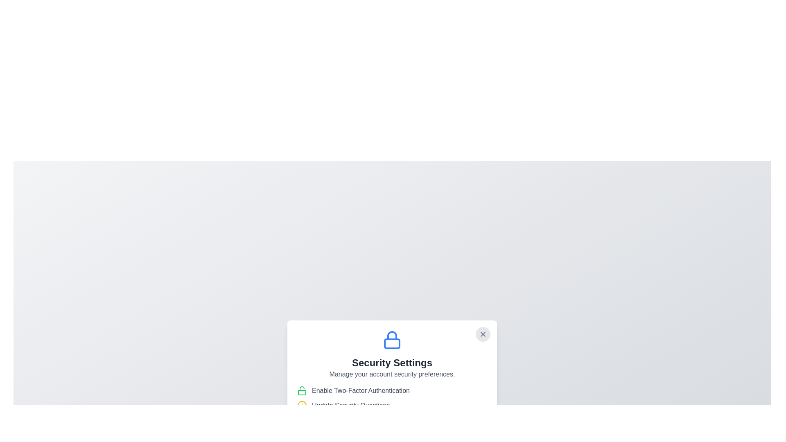 This screenshot has width=786, height=442. What do you see at coordinates (483, 334) in the screenshot?
I see `the close button element represented by an 'X' shape in the top-right corner of the 'Security Settings' modal` at bounding box center [483, 334].